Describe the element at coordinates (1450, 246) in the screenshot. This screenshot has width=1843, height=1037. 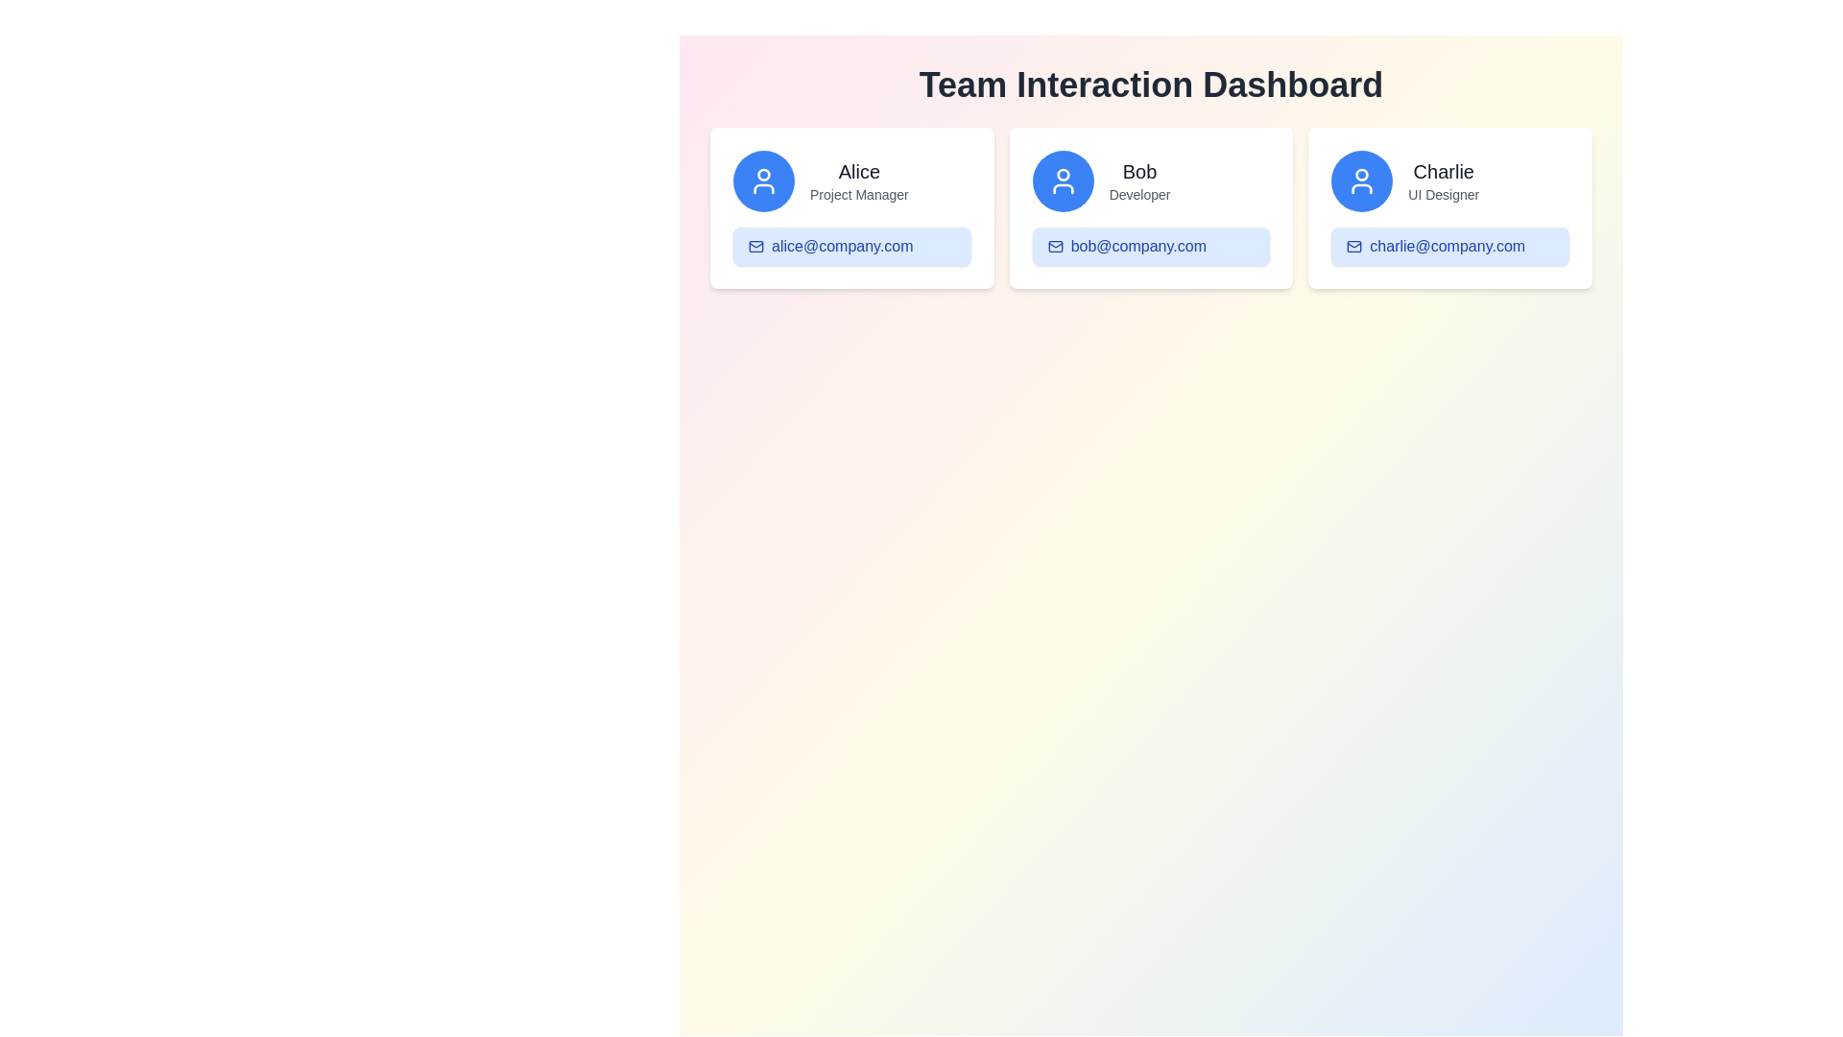
I see `the button styled as a badge for initiating communication with Charlie, the UI Designer, located within the third card in the horizontal list layout` at that location.